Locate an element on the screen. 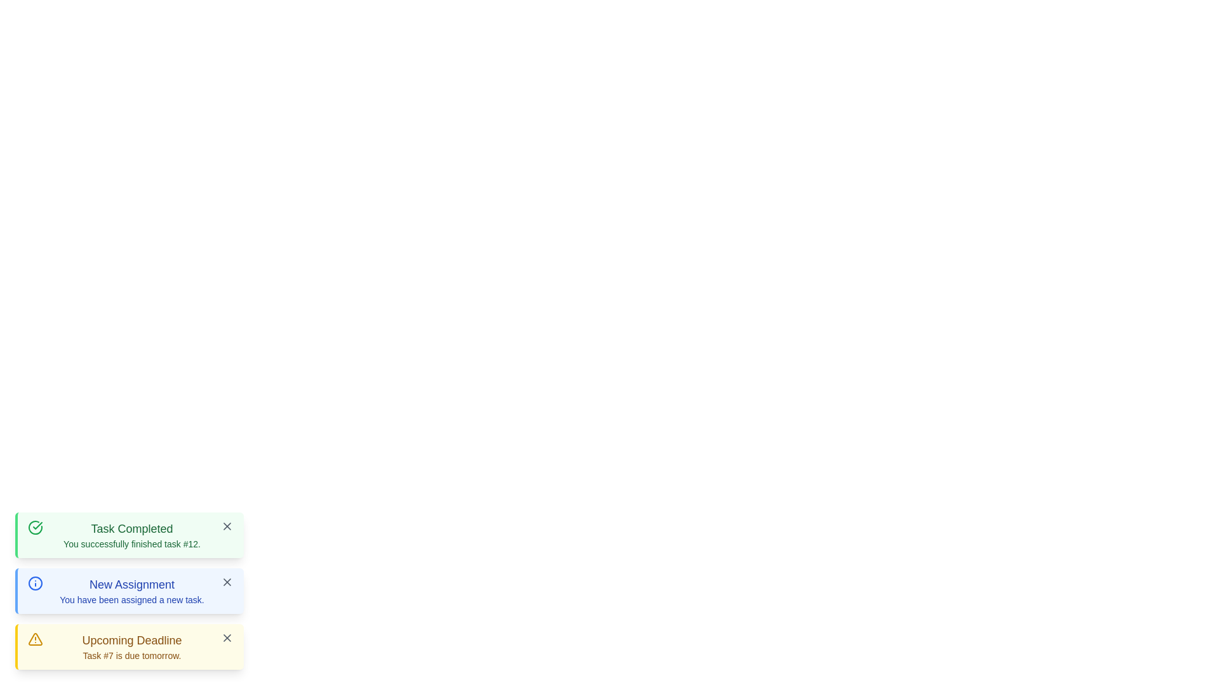 This screenshot has height=685, width=1219. the upper diagonal line of the close button icon within the notification card labeled 'New Assignment' to indicate the option to dismiss the notification is located at coordinates (227, 582).